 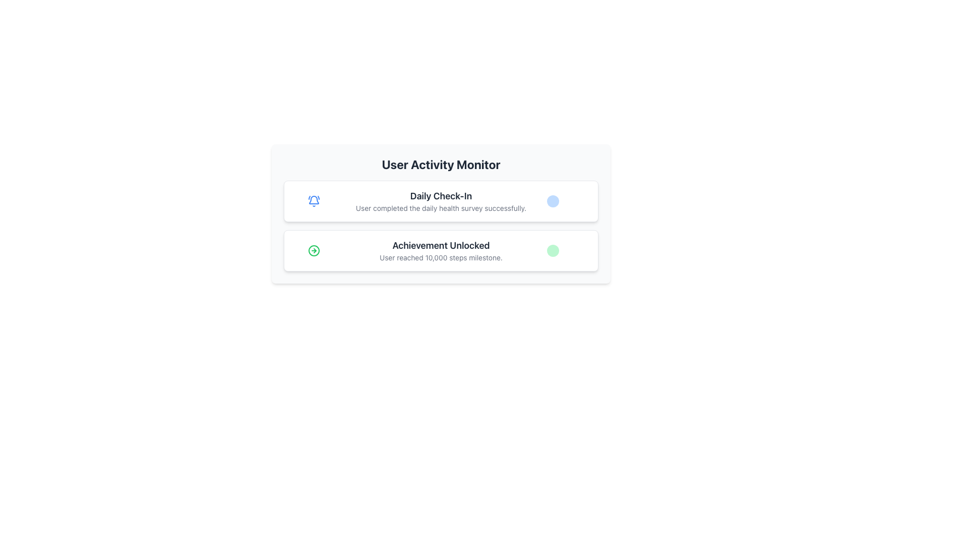 I want to click on information provided in the 'Daily Check-In' Information Card, which is the first element listed under the 'User Activity Monitor' section, so click(x=441, y=201).